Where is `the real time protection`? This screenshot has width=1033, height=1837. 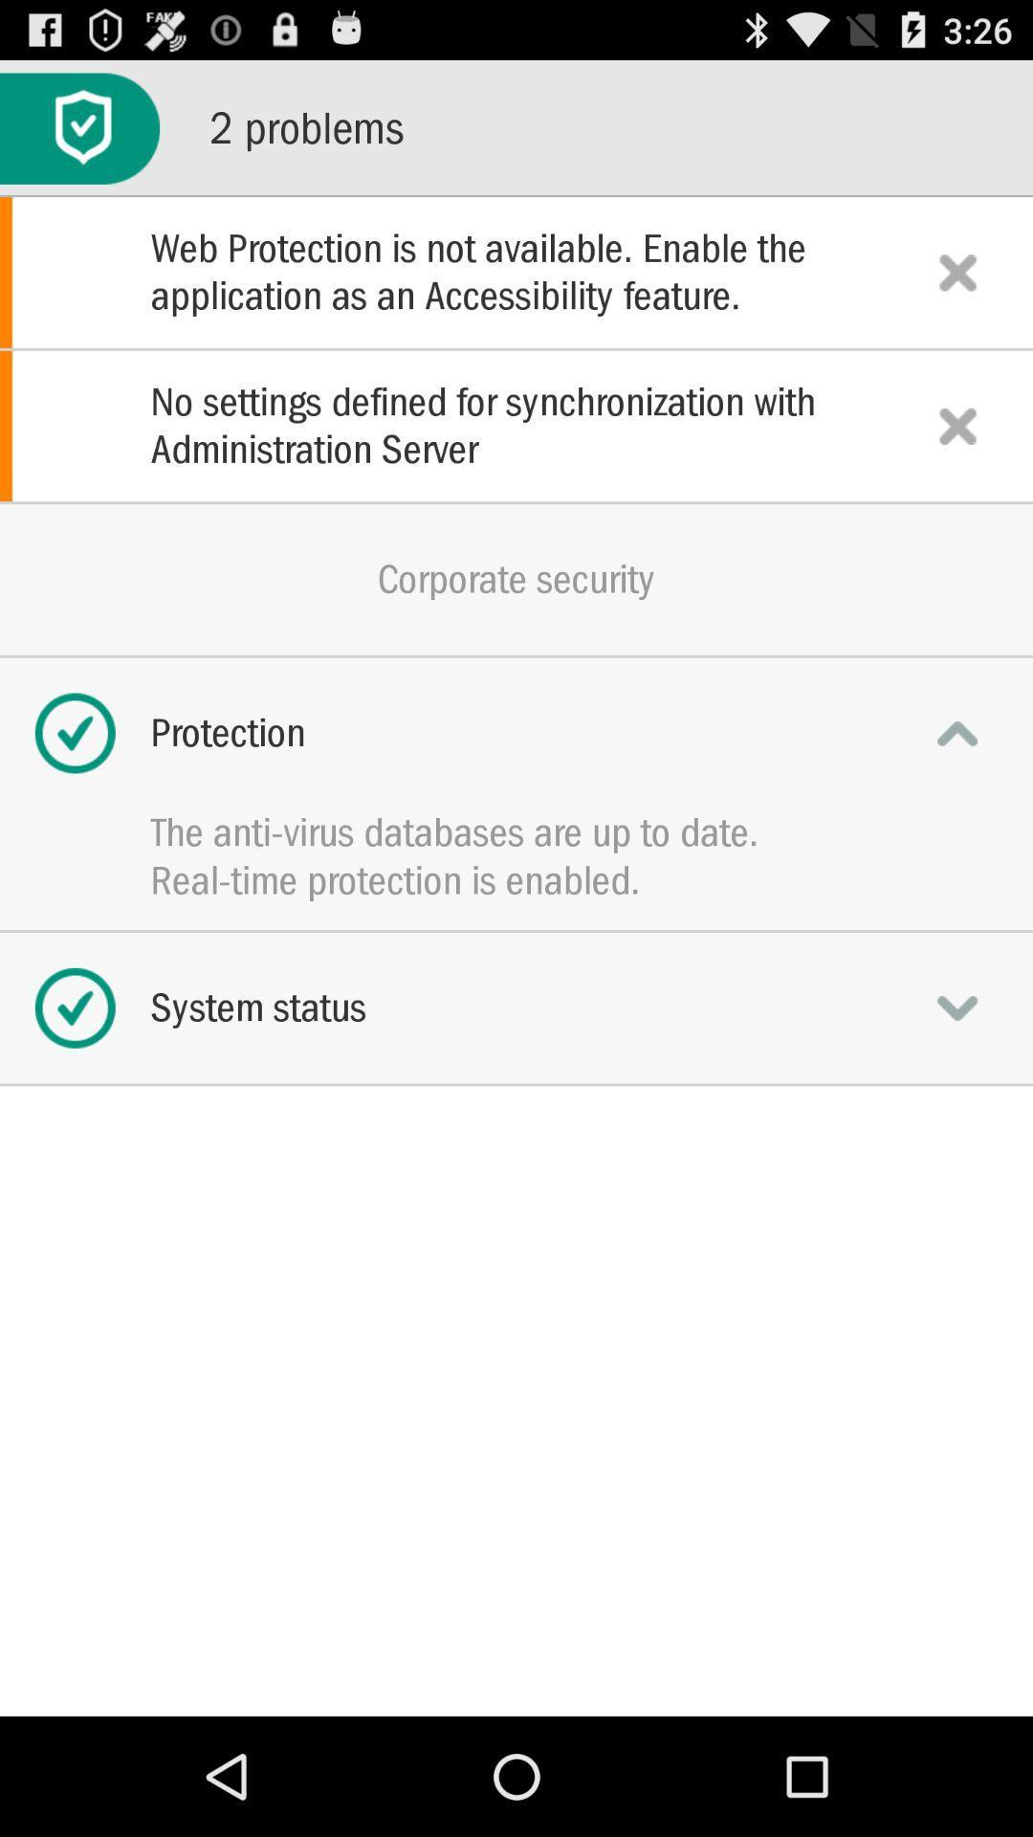 the real time protection is located at coordinates (516, 879).